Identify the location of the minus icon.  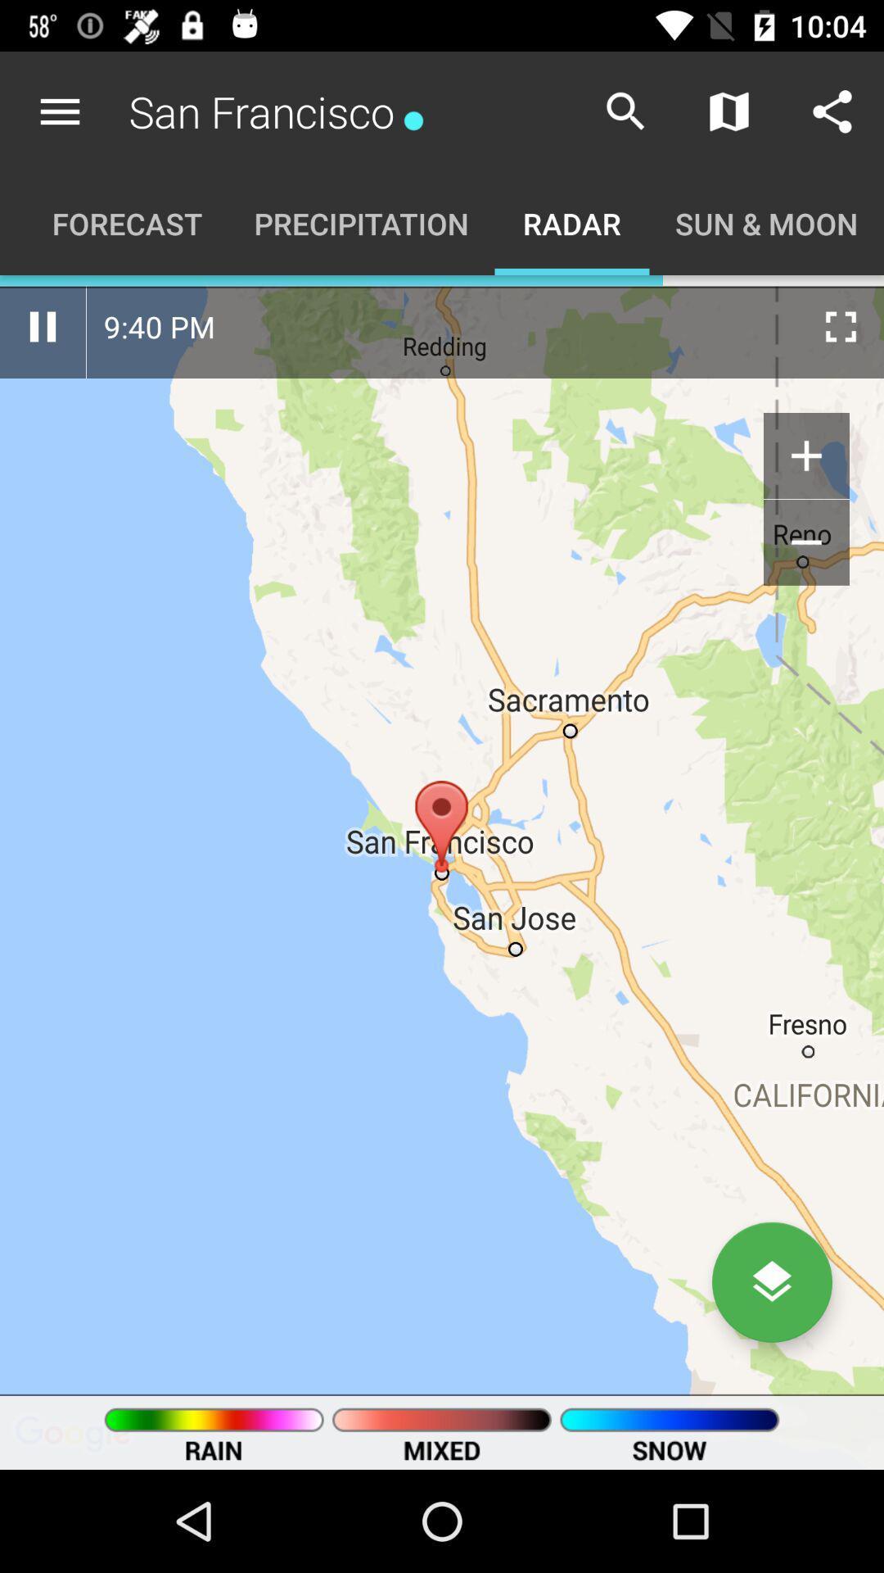
(805, 542).